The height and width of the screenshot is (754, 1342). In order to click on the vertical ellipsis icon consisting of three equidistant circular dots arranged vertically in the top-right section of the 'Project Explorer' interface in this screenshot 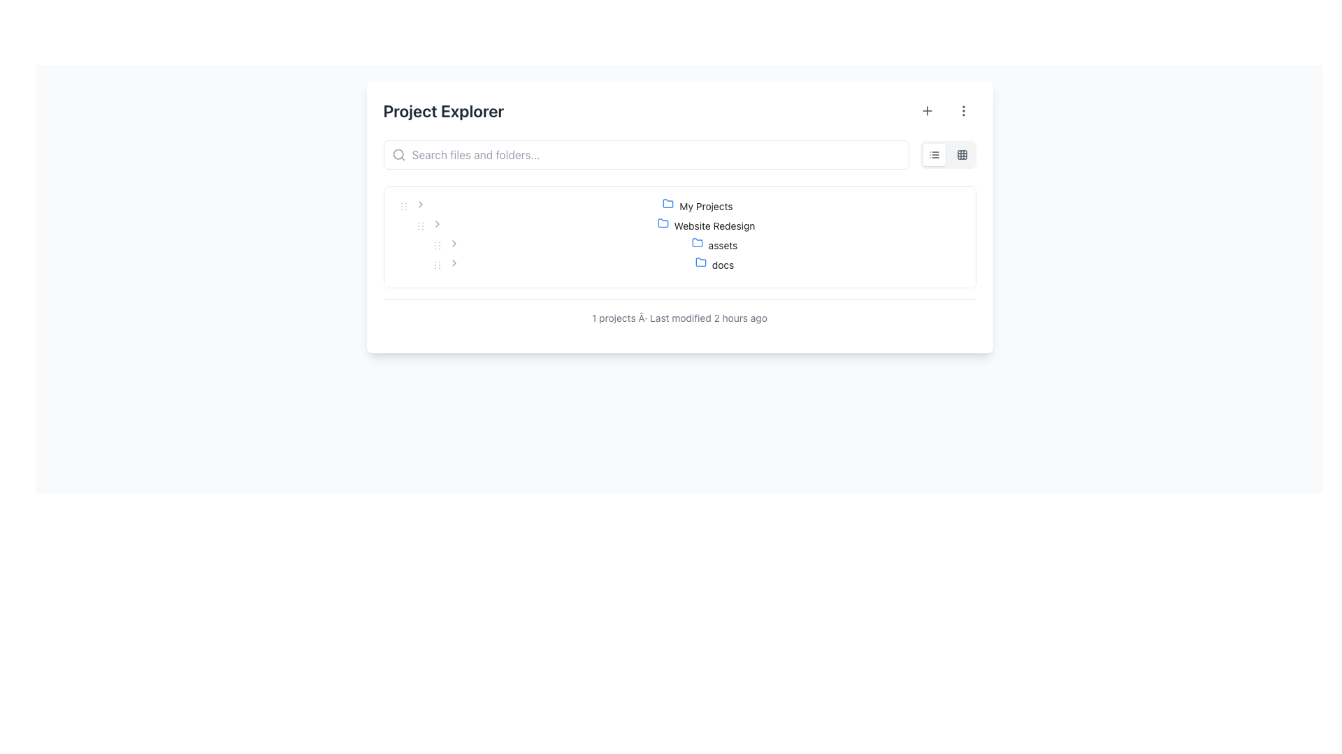, I will do `click(962, 110)`.